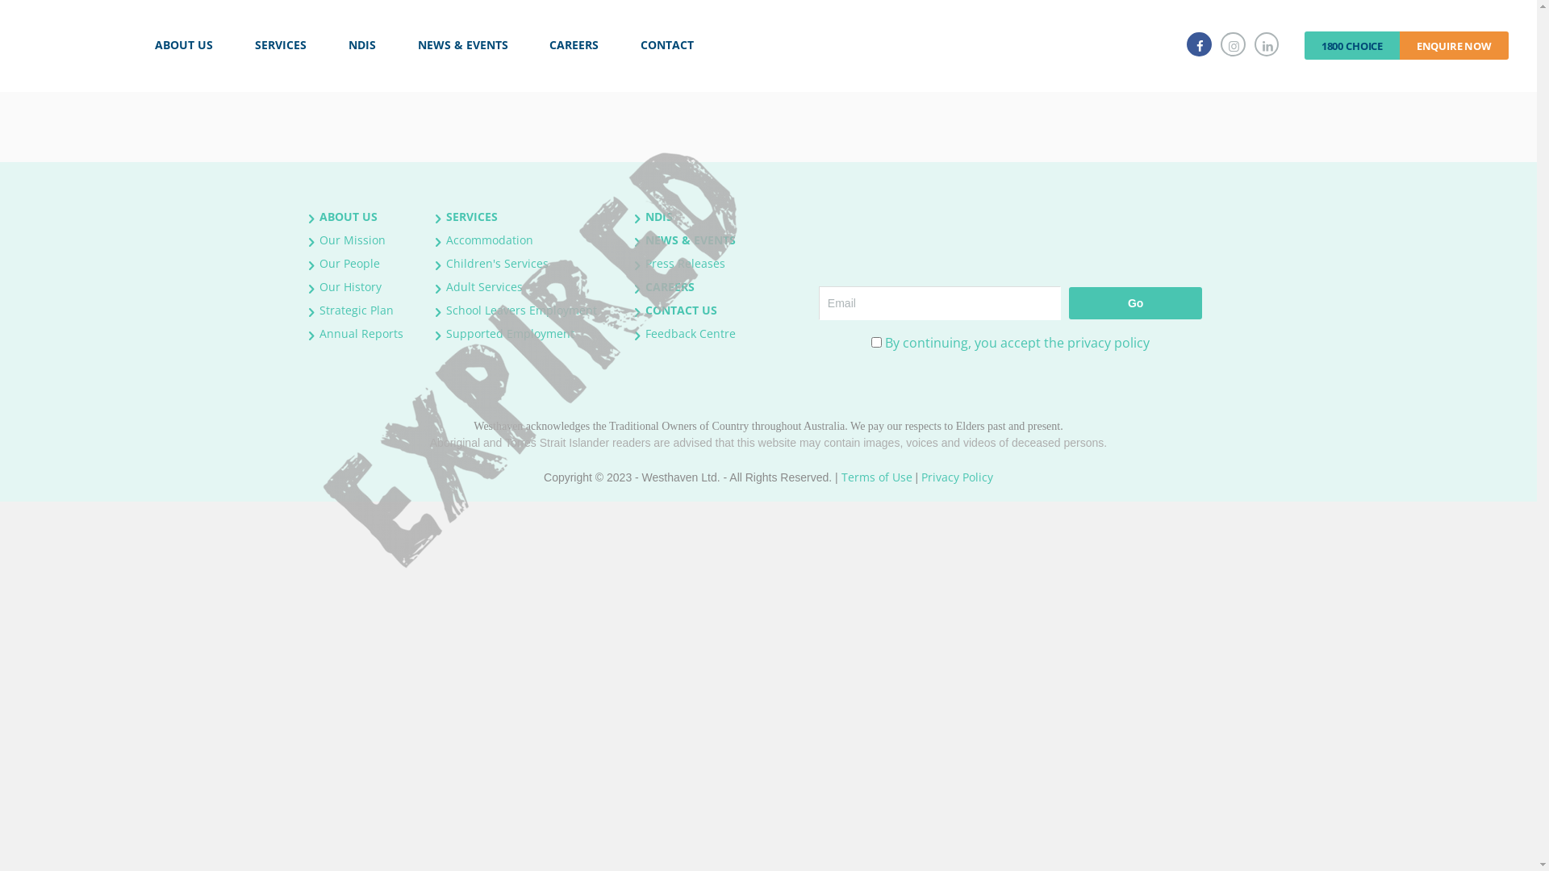  I want to click on 'Adult Services', so click(445, 285).